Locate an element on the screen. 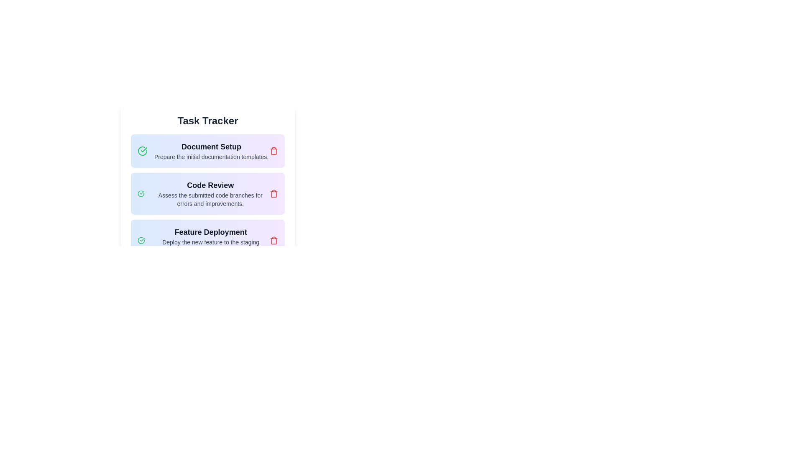 The width and height of the screenshot is (803, 452). text label that serves as the title for 'Document Setup', located below 'Task Tracker' and aligned to the left is located at coordinates (211, 146).